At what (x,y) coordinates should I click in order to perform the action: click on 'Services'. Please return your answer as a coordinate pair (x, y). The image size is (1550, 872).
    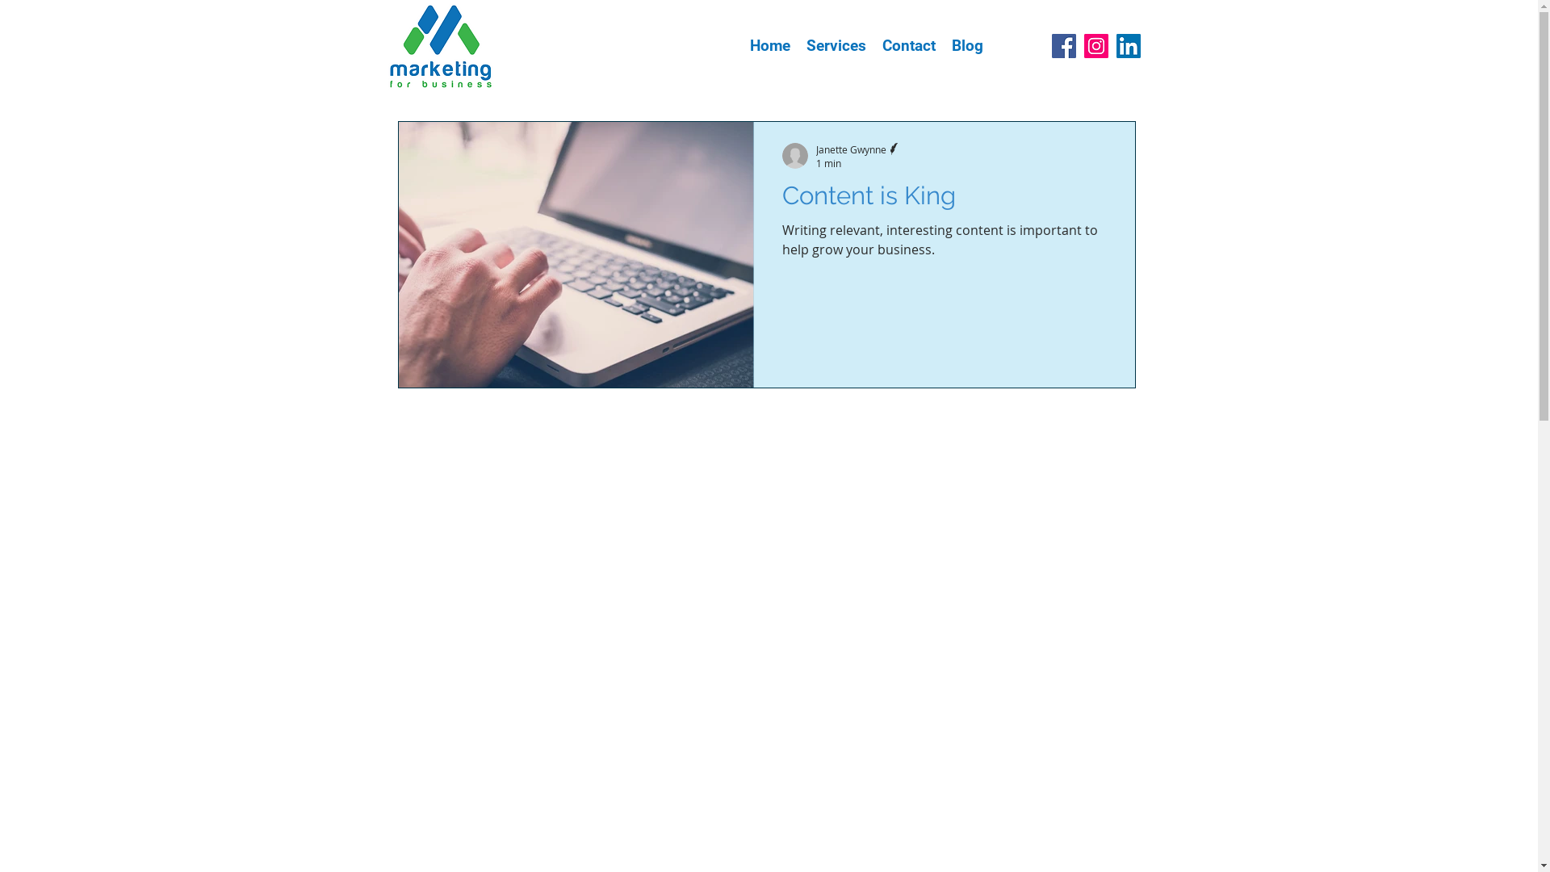
    Looking at the image, I should click on (836, 45).